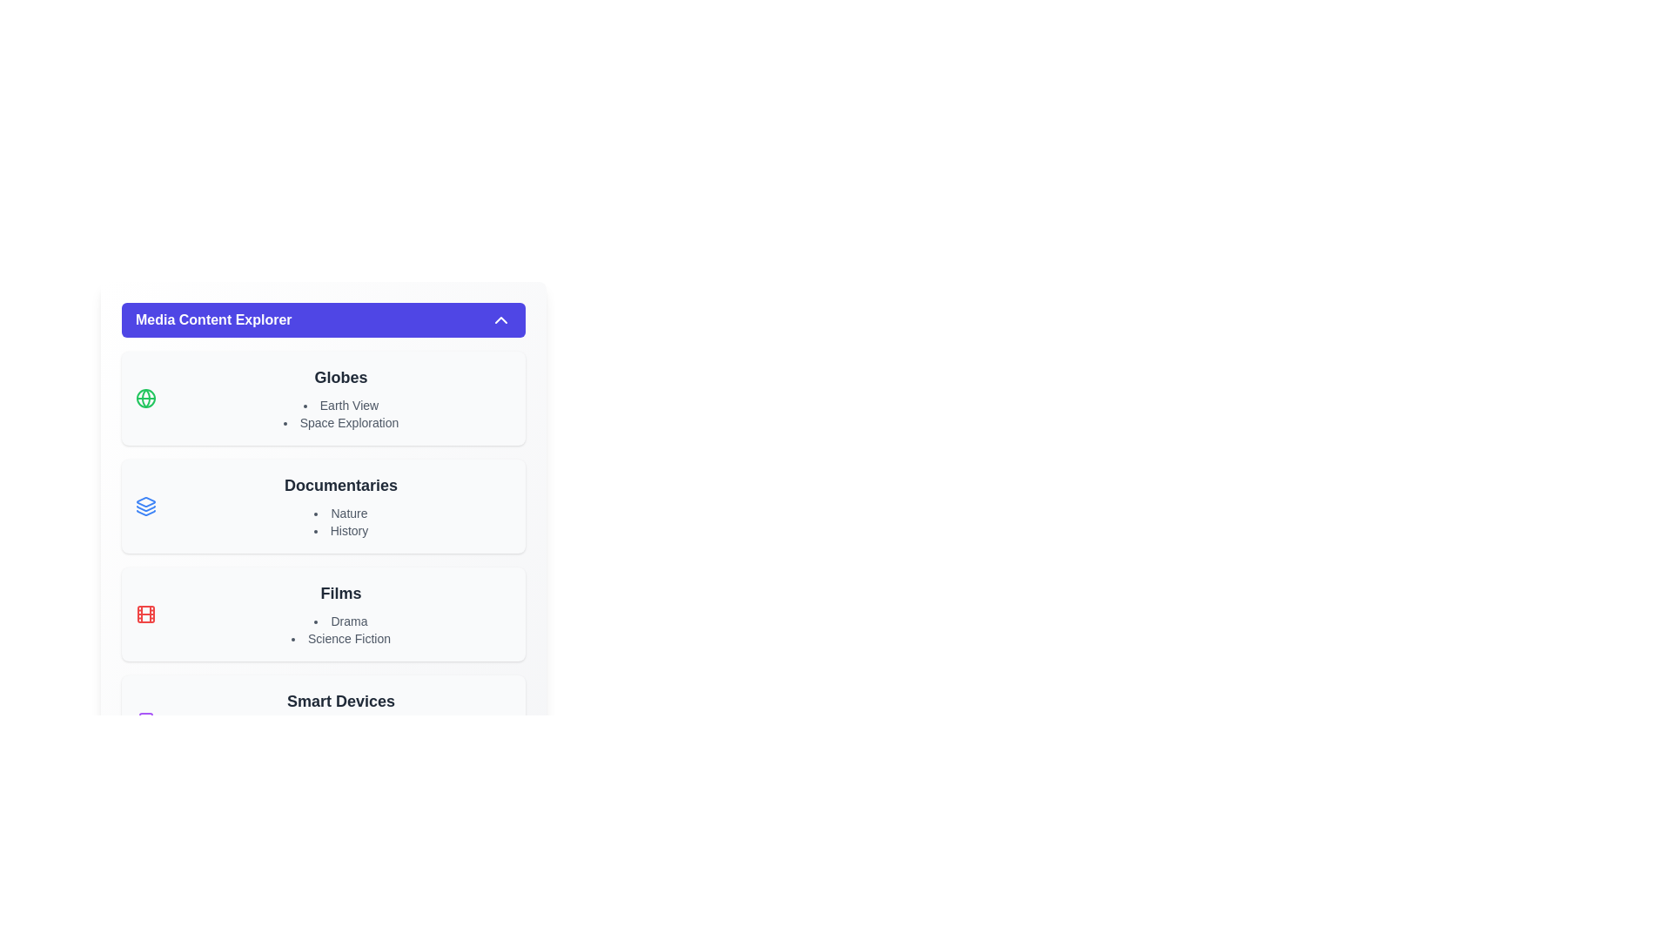 This screenshot has height=940, width=1671. Describe the element at coordinates (341, 513) in the screenshot. I see `the list item labeled 'Nature'` at that location.